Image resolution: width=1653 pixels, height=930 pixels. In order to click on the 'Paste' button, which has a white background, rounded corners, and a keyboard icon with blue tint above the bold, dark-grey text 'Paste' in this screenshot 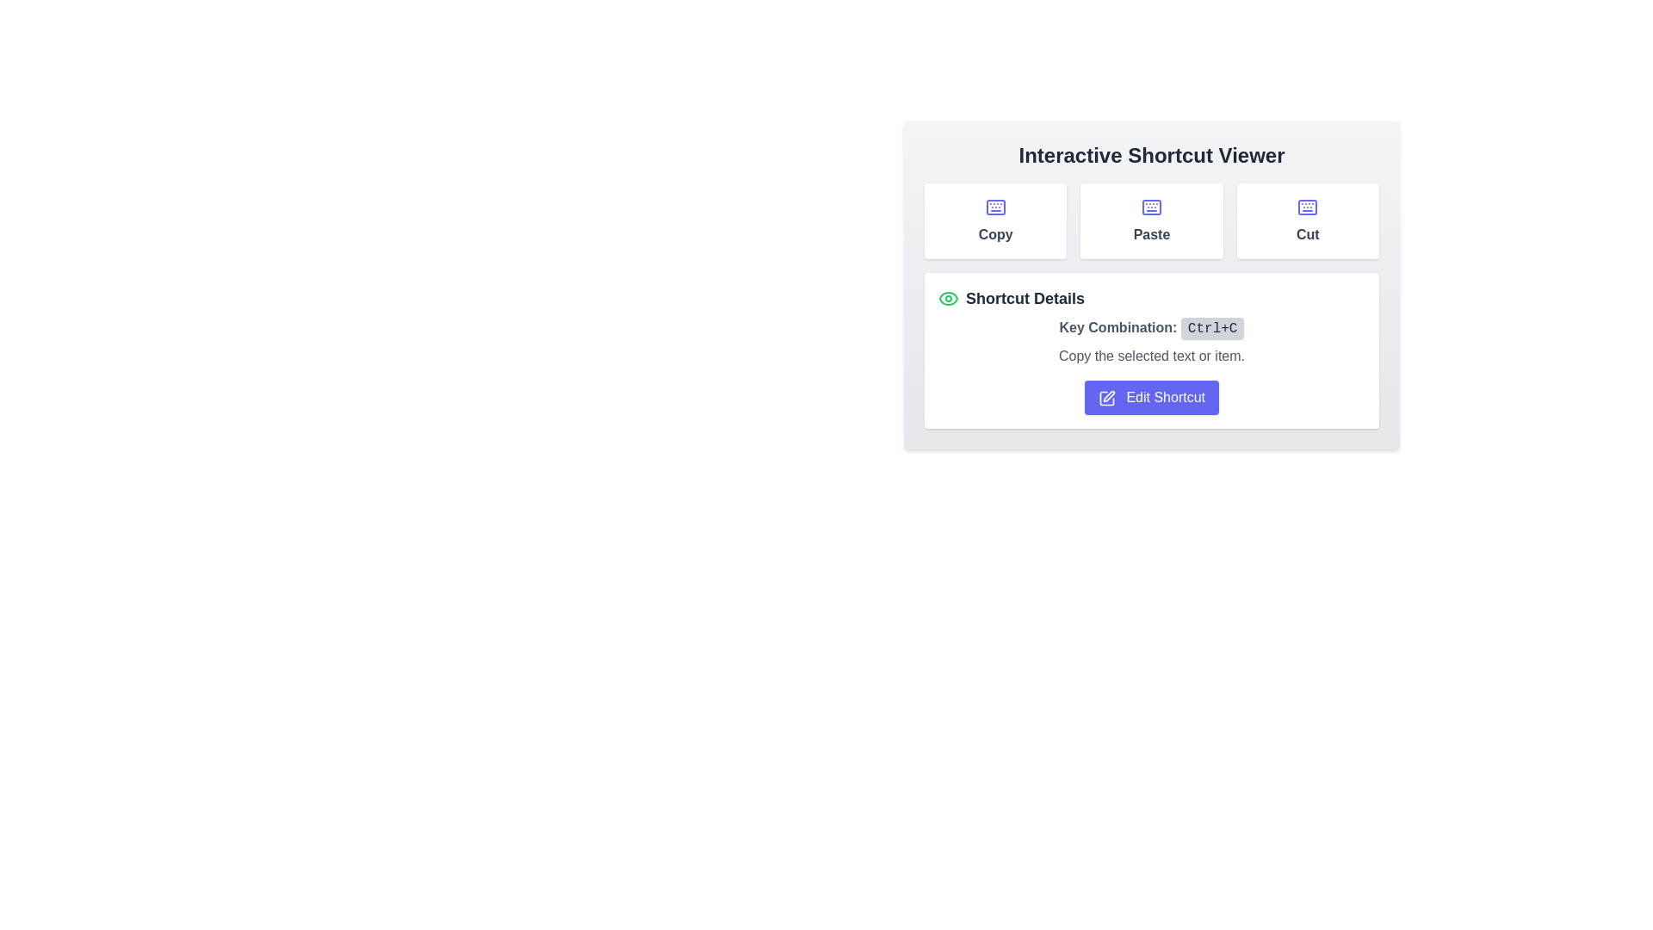, I will do `click(1152, 220)`.